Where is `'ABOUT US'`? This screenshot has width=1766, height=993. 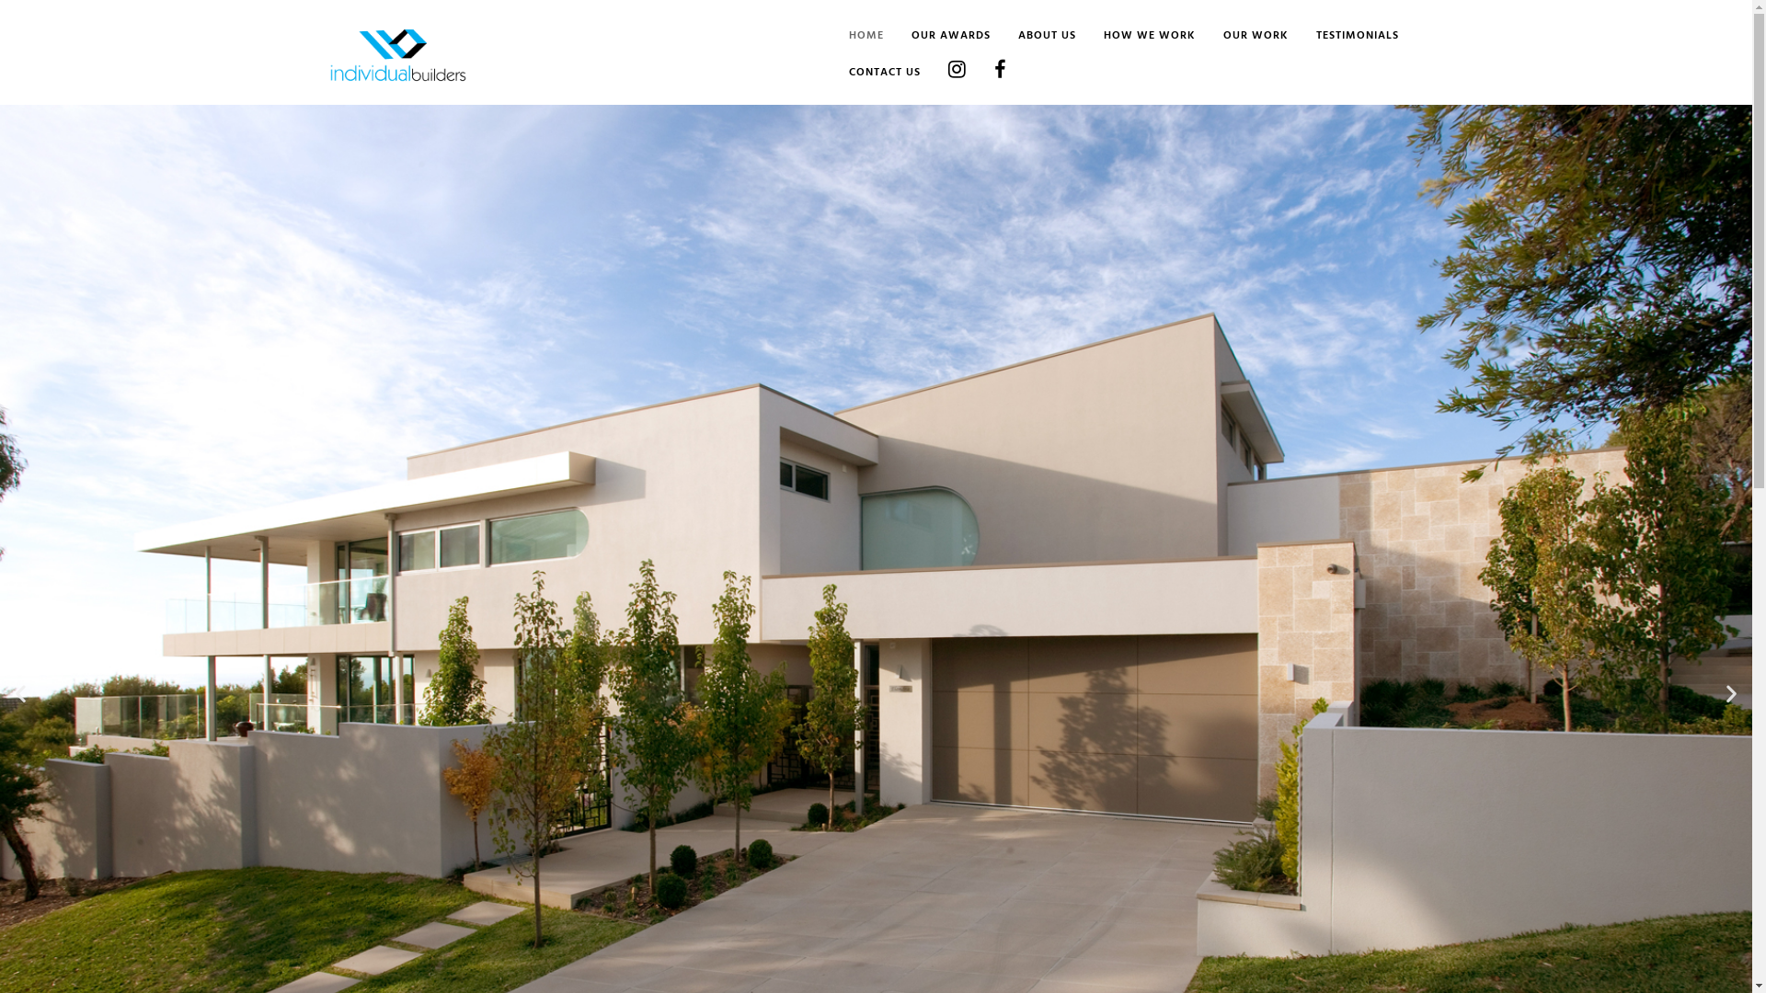 'ABOUT US' is located at coordinates (1032, 36).